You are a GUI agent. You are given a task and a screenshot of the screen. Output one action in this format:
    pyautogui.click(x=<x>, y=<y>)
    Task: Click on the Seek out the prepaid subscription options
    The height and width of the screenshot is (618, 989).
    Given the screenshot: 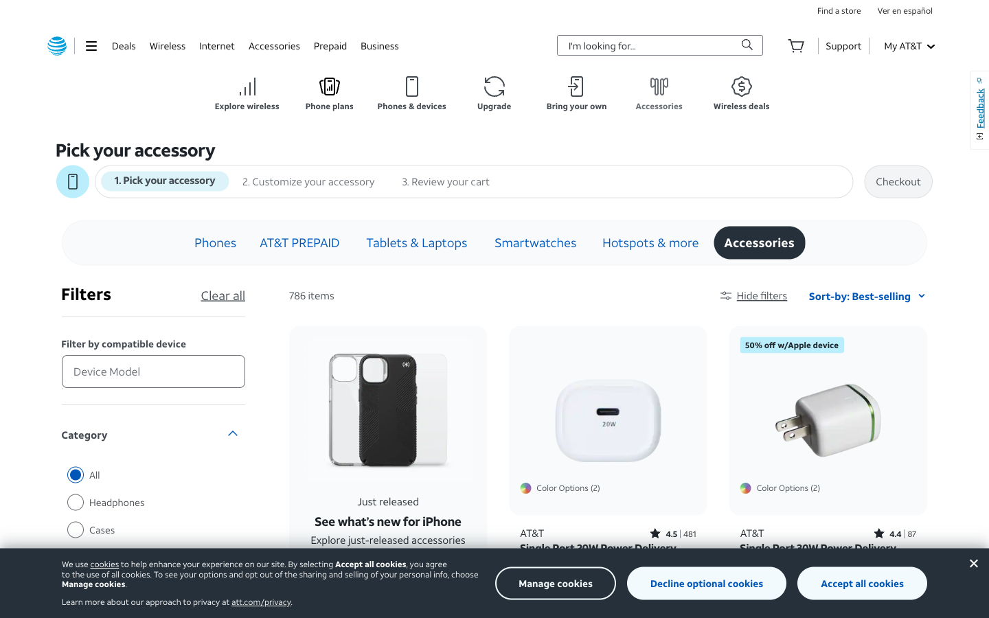 What is the action you would take?
    pyautogui.click(x=330, y=45)
    